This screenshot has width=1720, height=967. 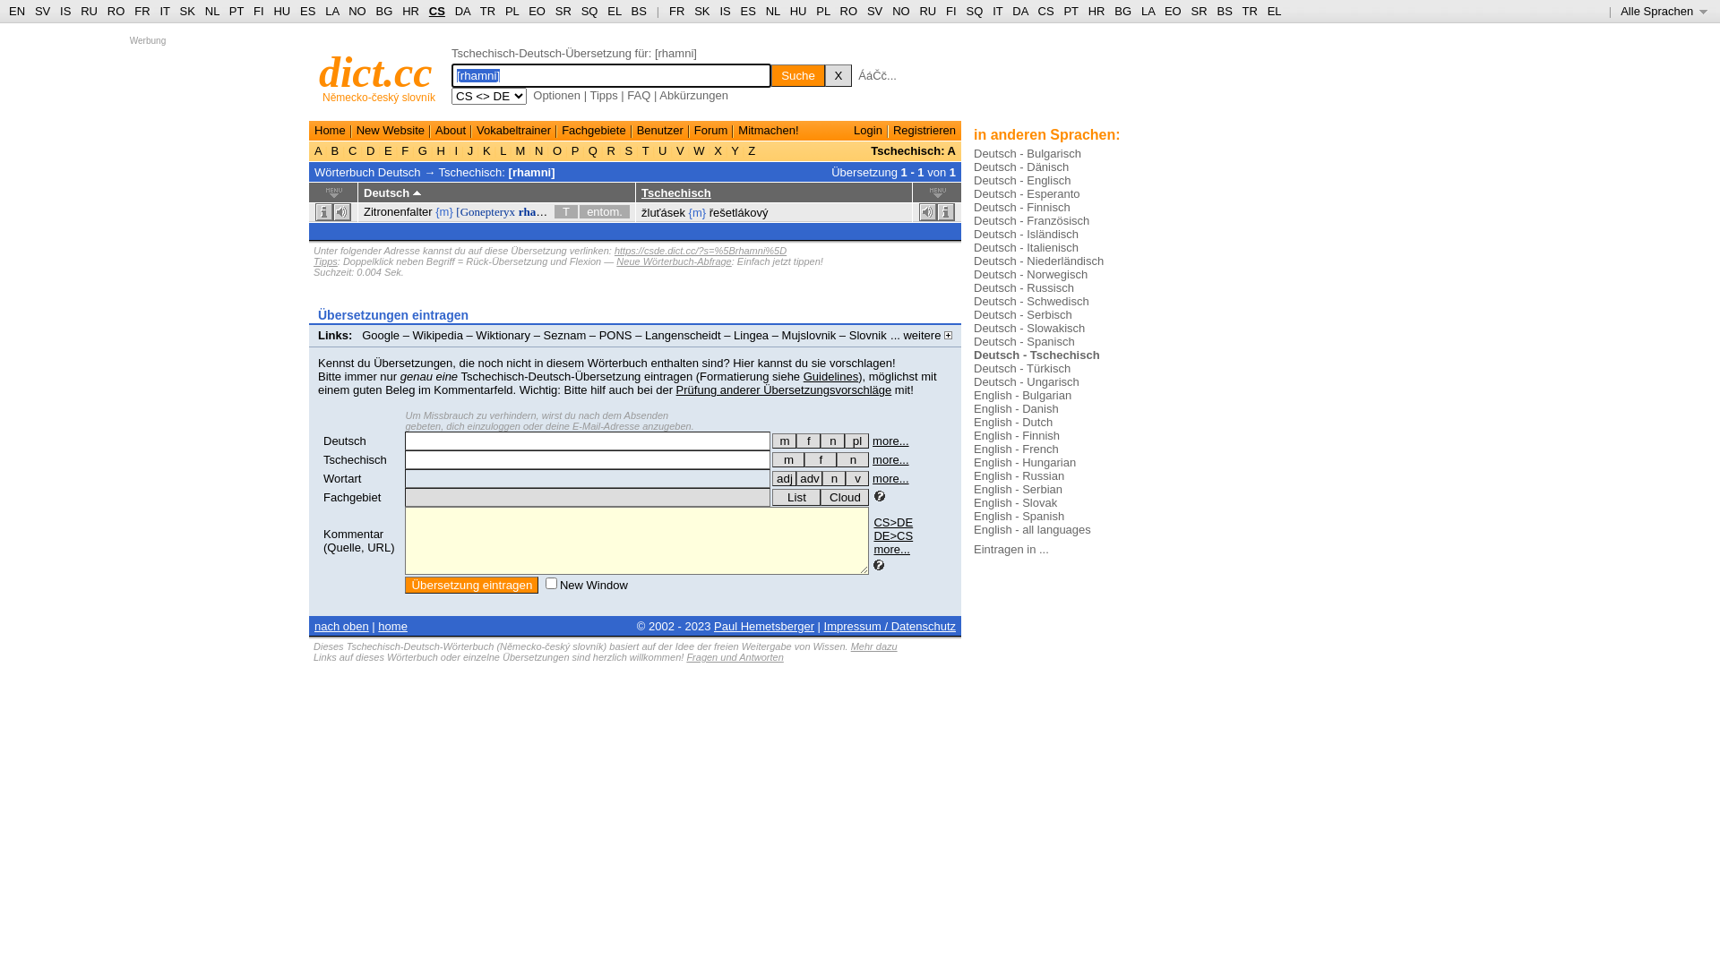 What do you see at coordinates (972, 502) in the screenshot?
I see `'English - Slovak'` at bounding box center [972, 502].